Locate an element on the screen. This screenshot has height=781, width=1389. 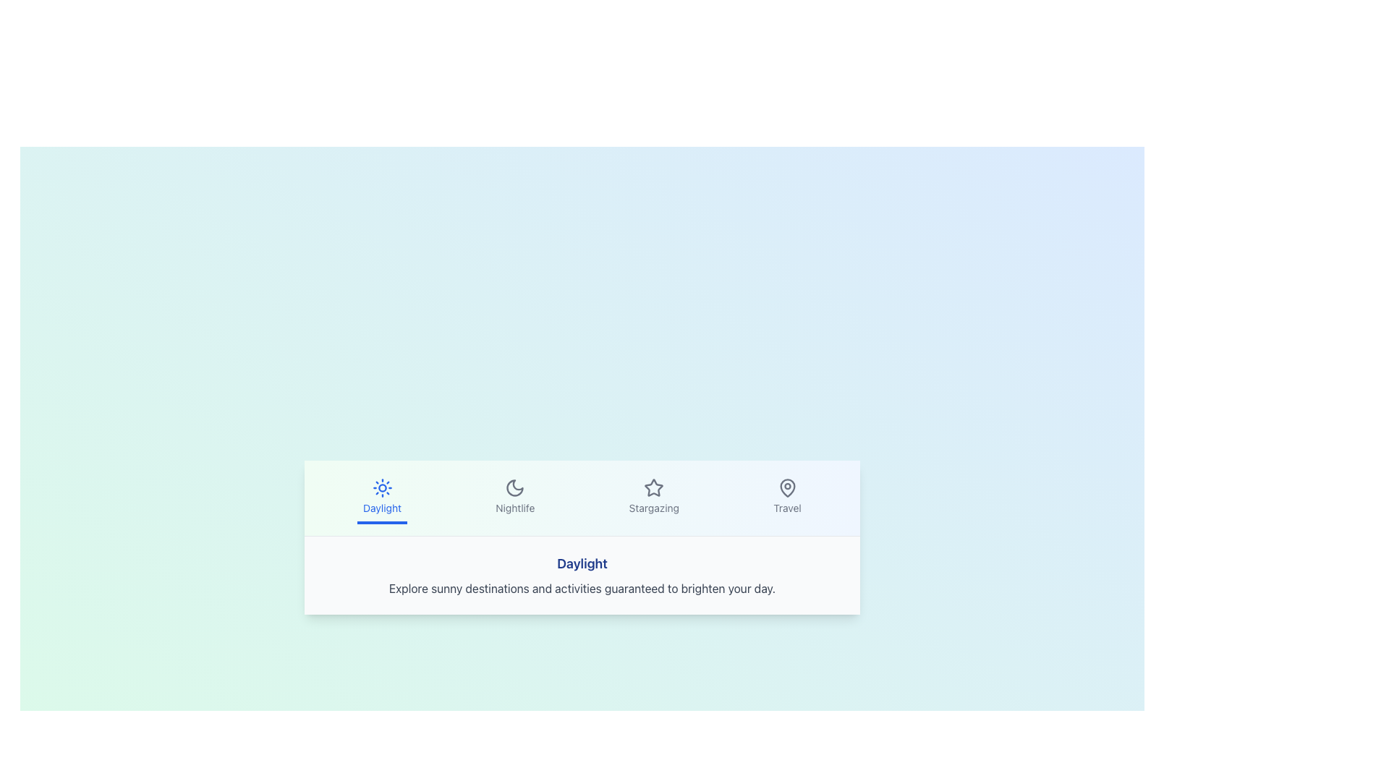
the 'Nightlife' navigation label is located at coordinates (515, 507).